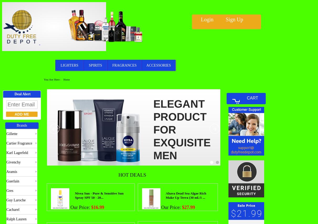 This screenshot has width=318, height=224. I want to click on 'Ahava Dead Sea Algae Rich Make Up Terra (30 ml./1 ...', so click(185, 195).